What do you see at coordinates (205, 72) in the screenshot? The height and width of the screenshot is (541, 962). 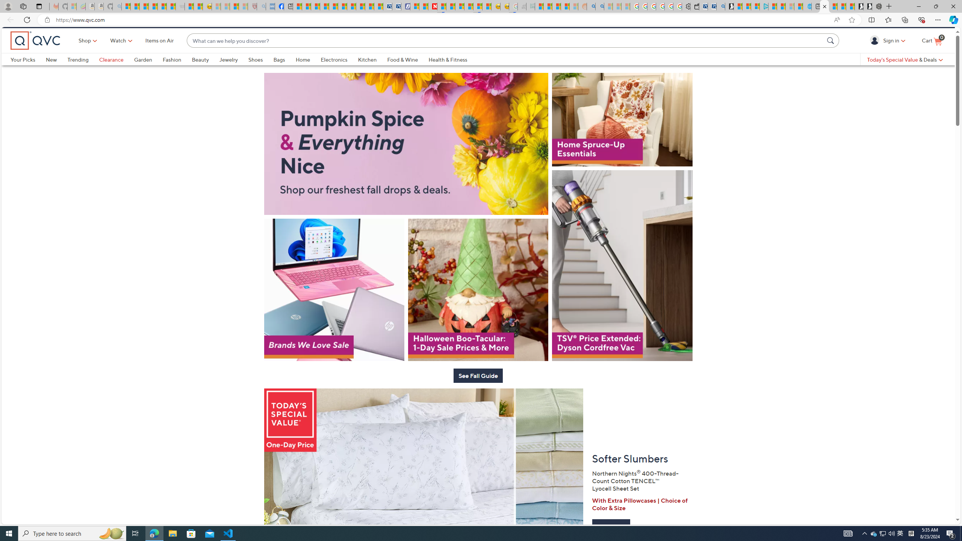 I see `'Beauty'` at bounding box center [205, 72].